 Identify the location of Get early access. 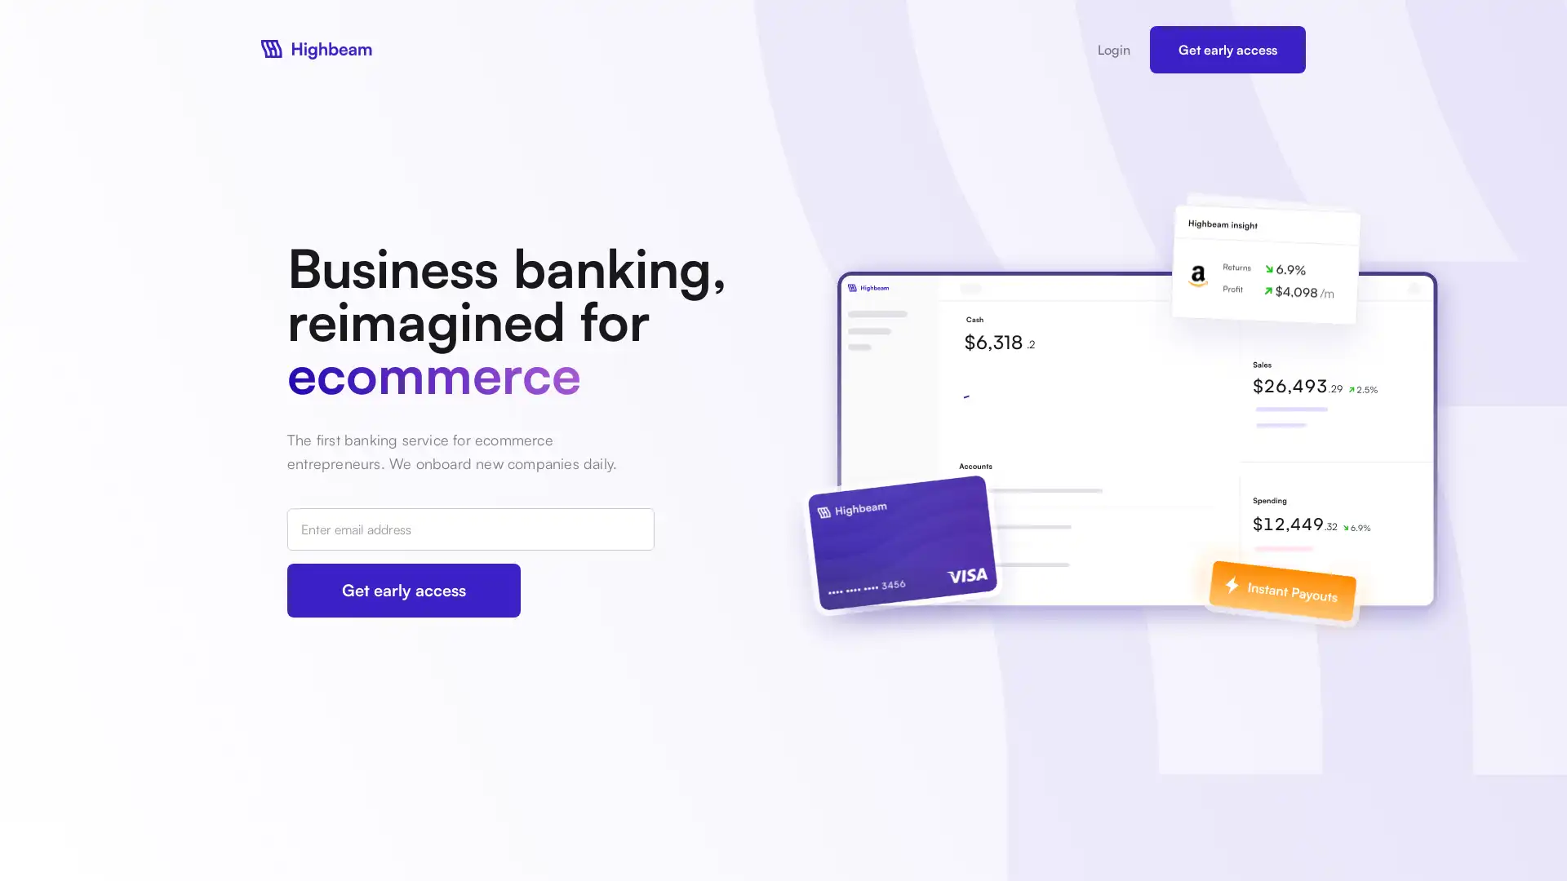
(403, 589).